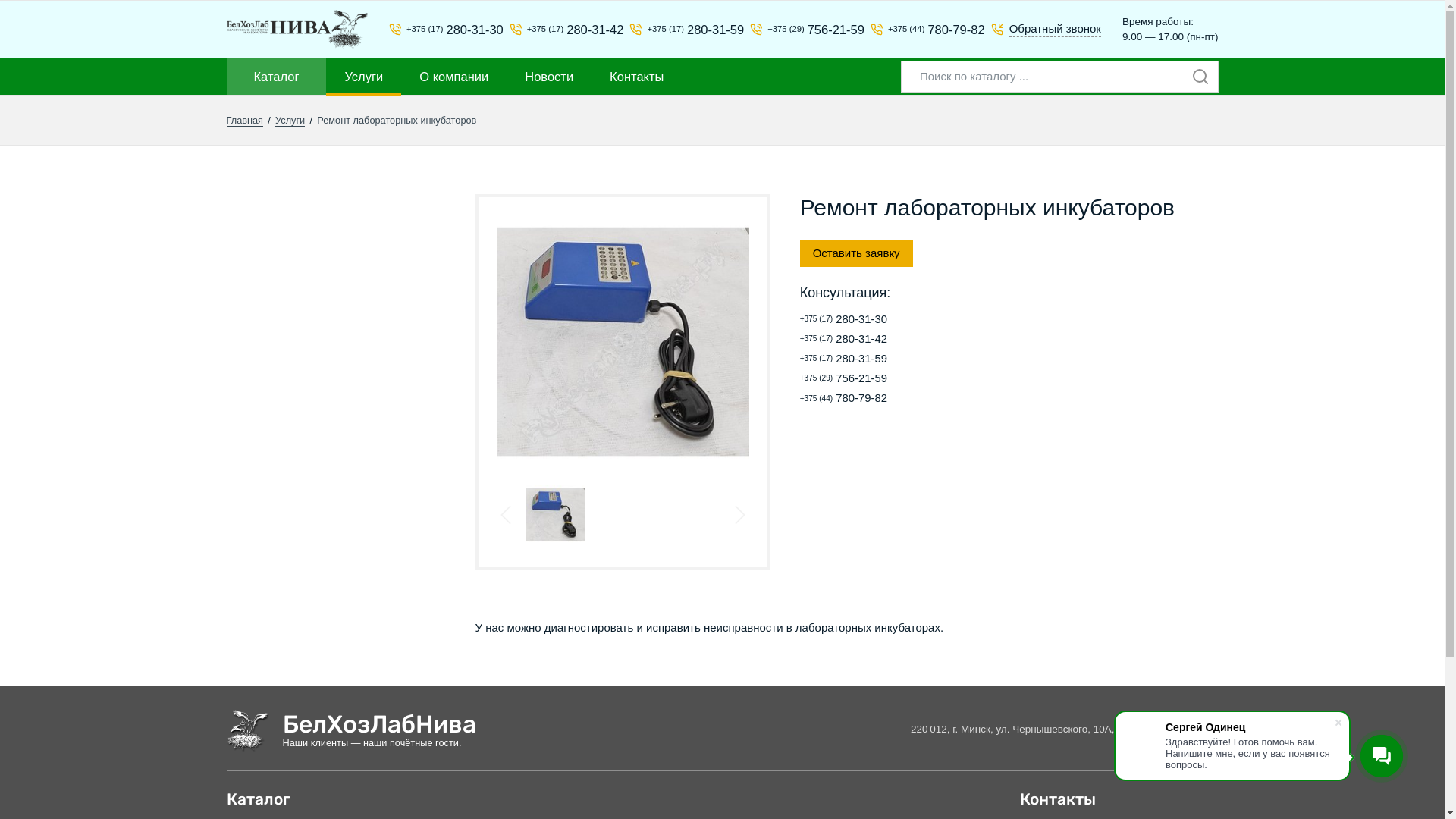  I want to click on '+375 (17), so click(799, 359).